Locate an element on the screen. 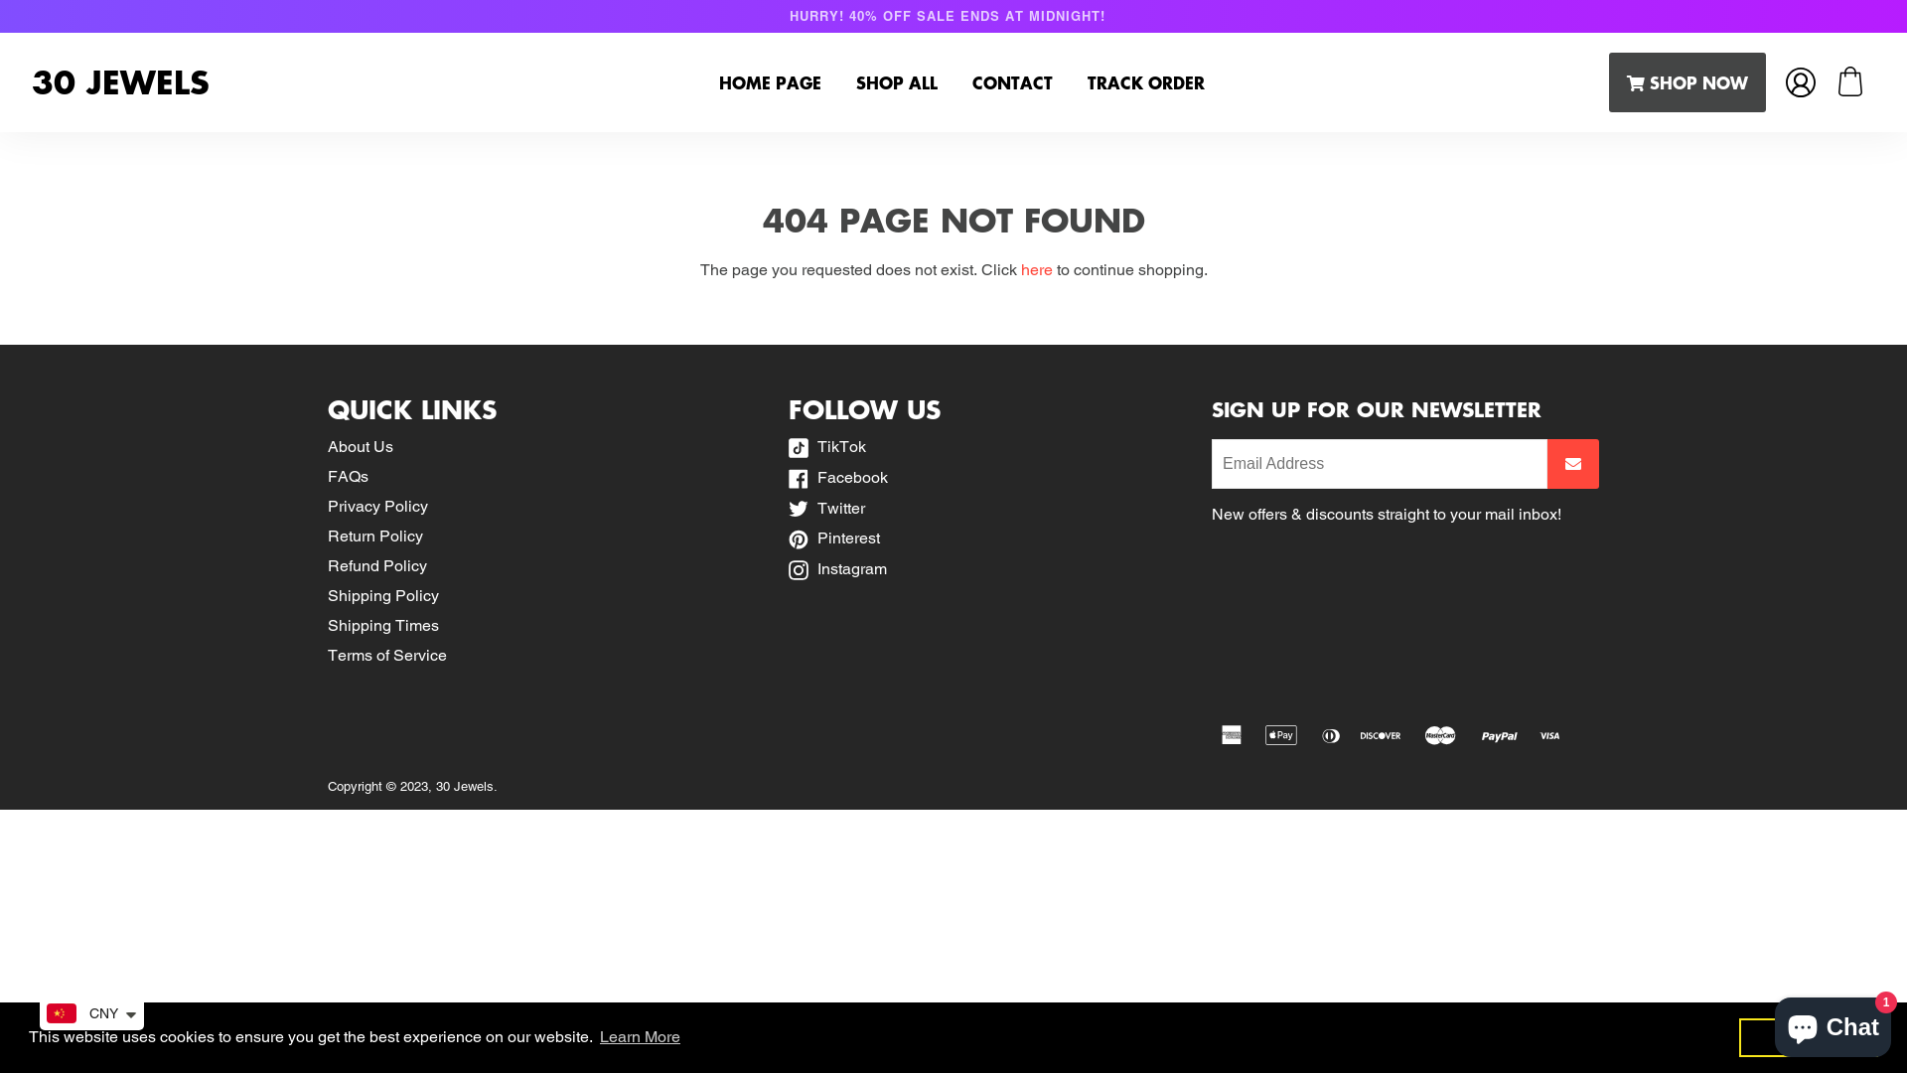 The height and width of the screenshot is (1073, 1907). 'HOME PAGE' is located at coordinates (769, 81).